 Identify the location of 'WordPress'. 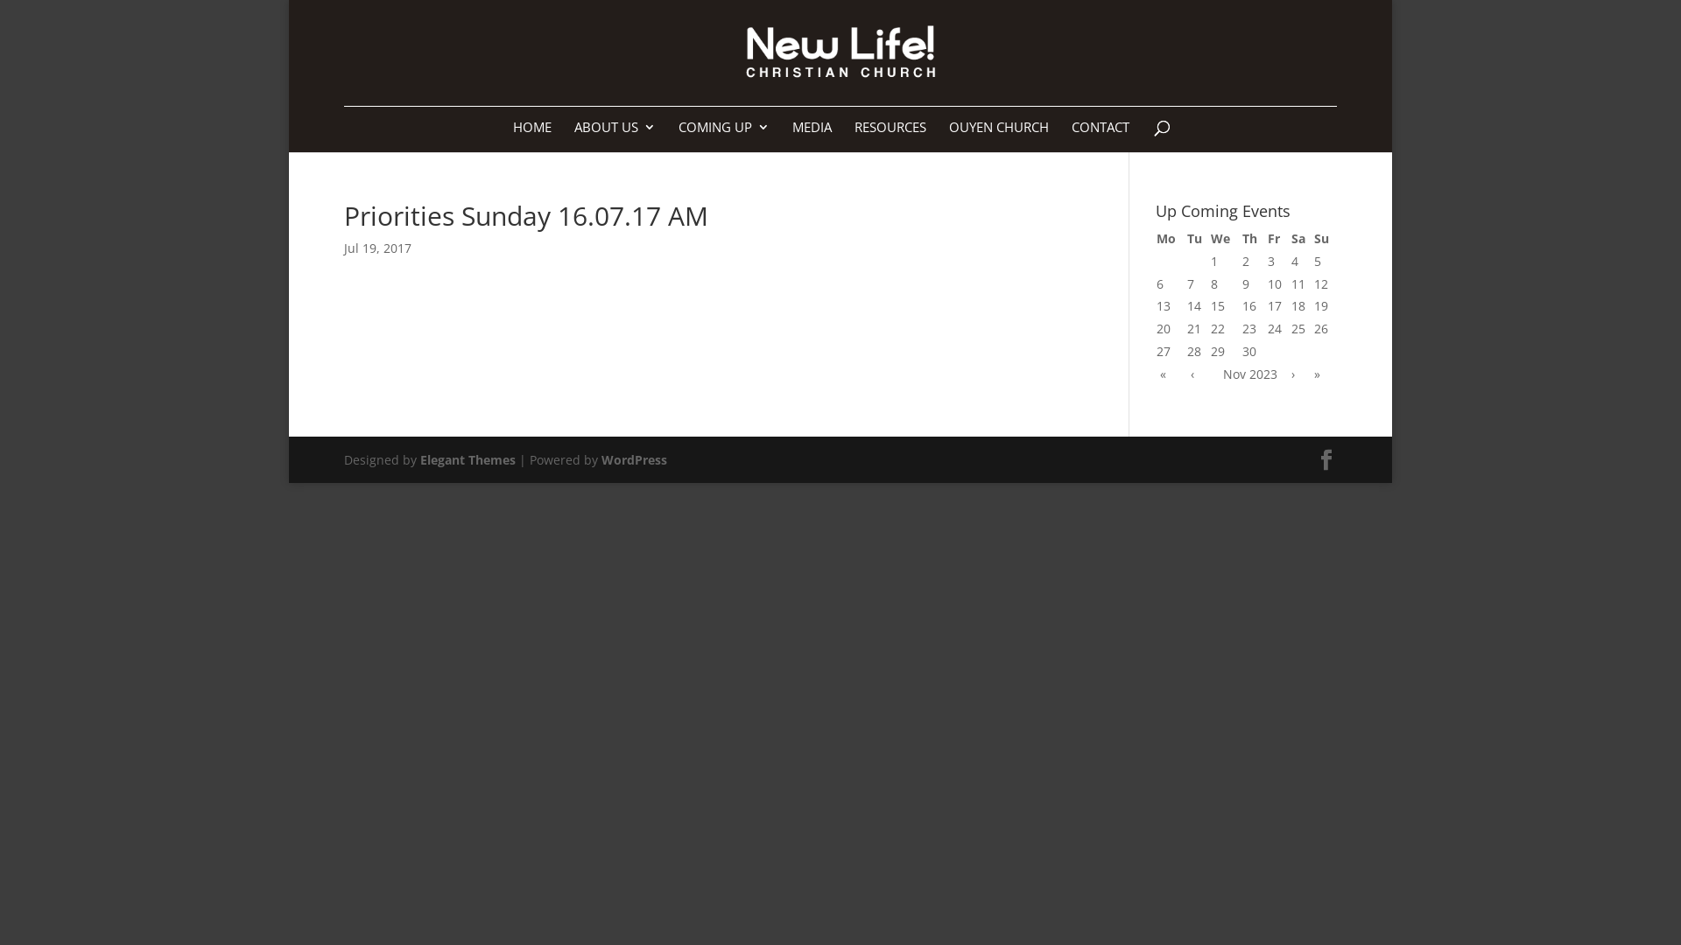
(633, 458).